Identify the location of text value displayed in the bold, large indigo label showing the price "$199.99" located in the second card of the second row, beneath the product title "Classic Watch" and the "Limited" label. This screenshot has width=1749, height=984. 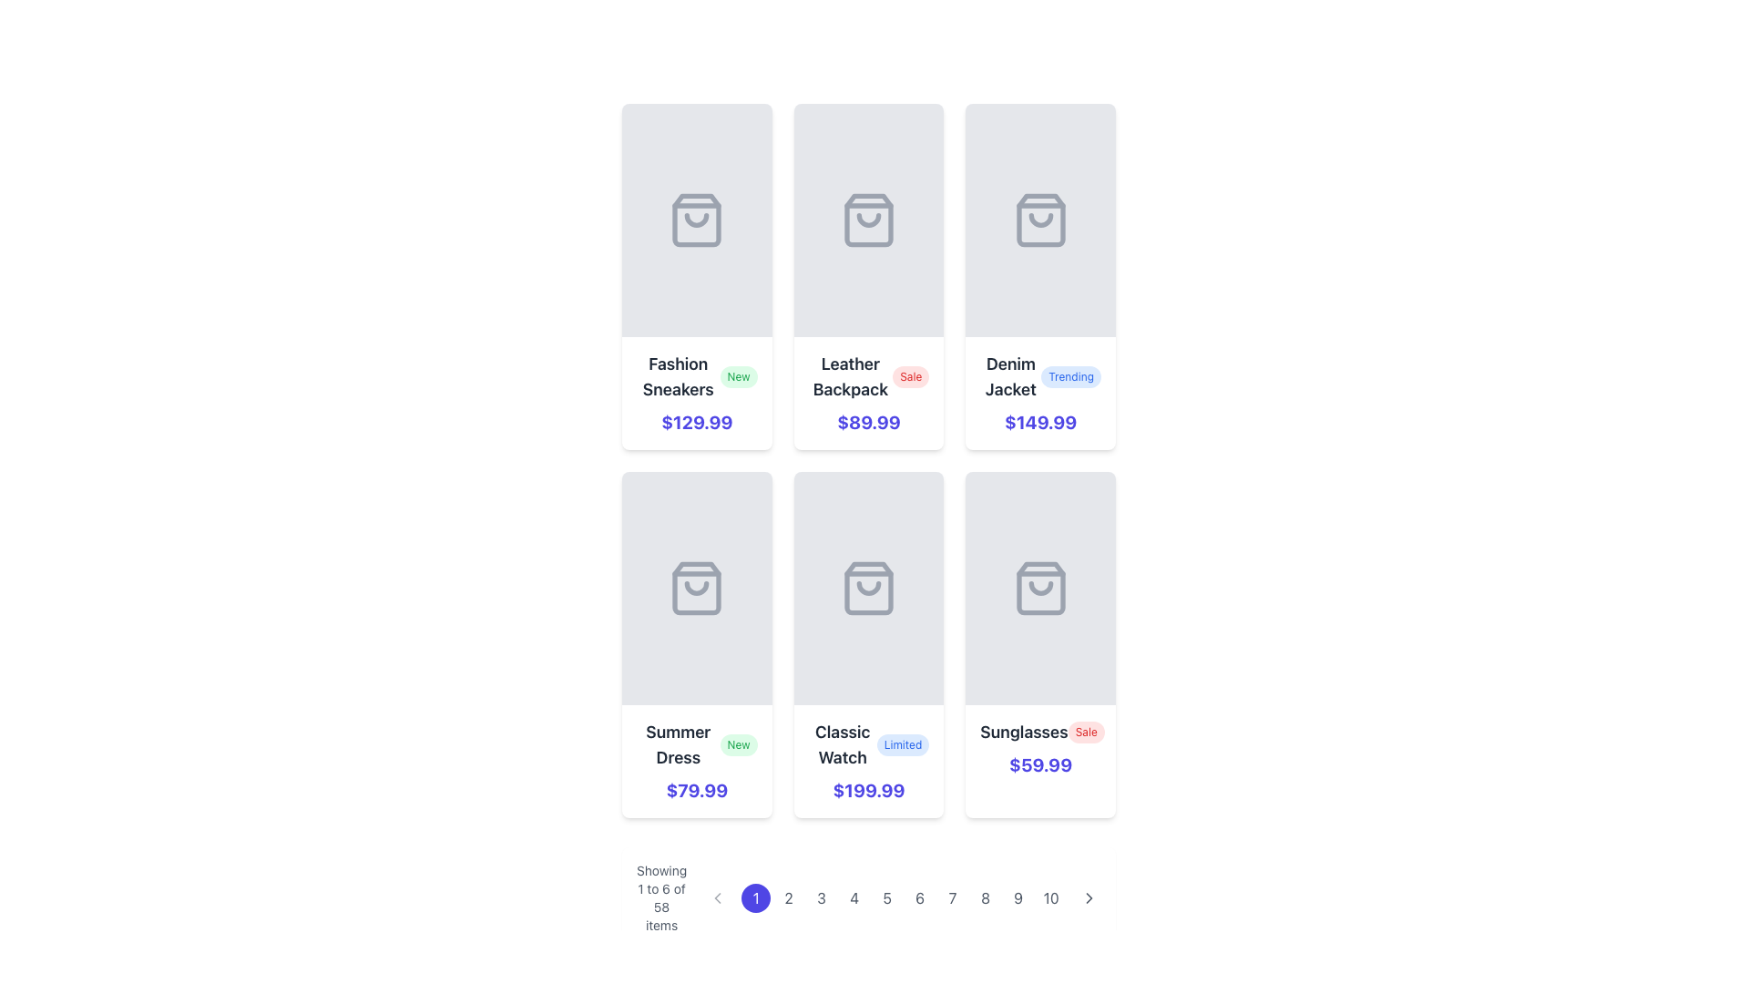
(868, 789).